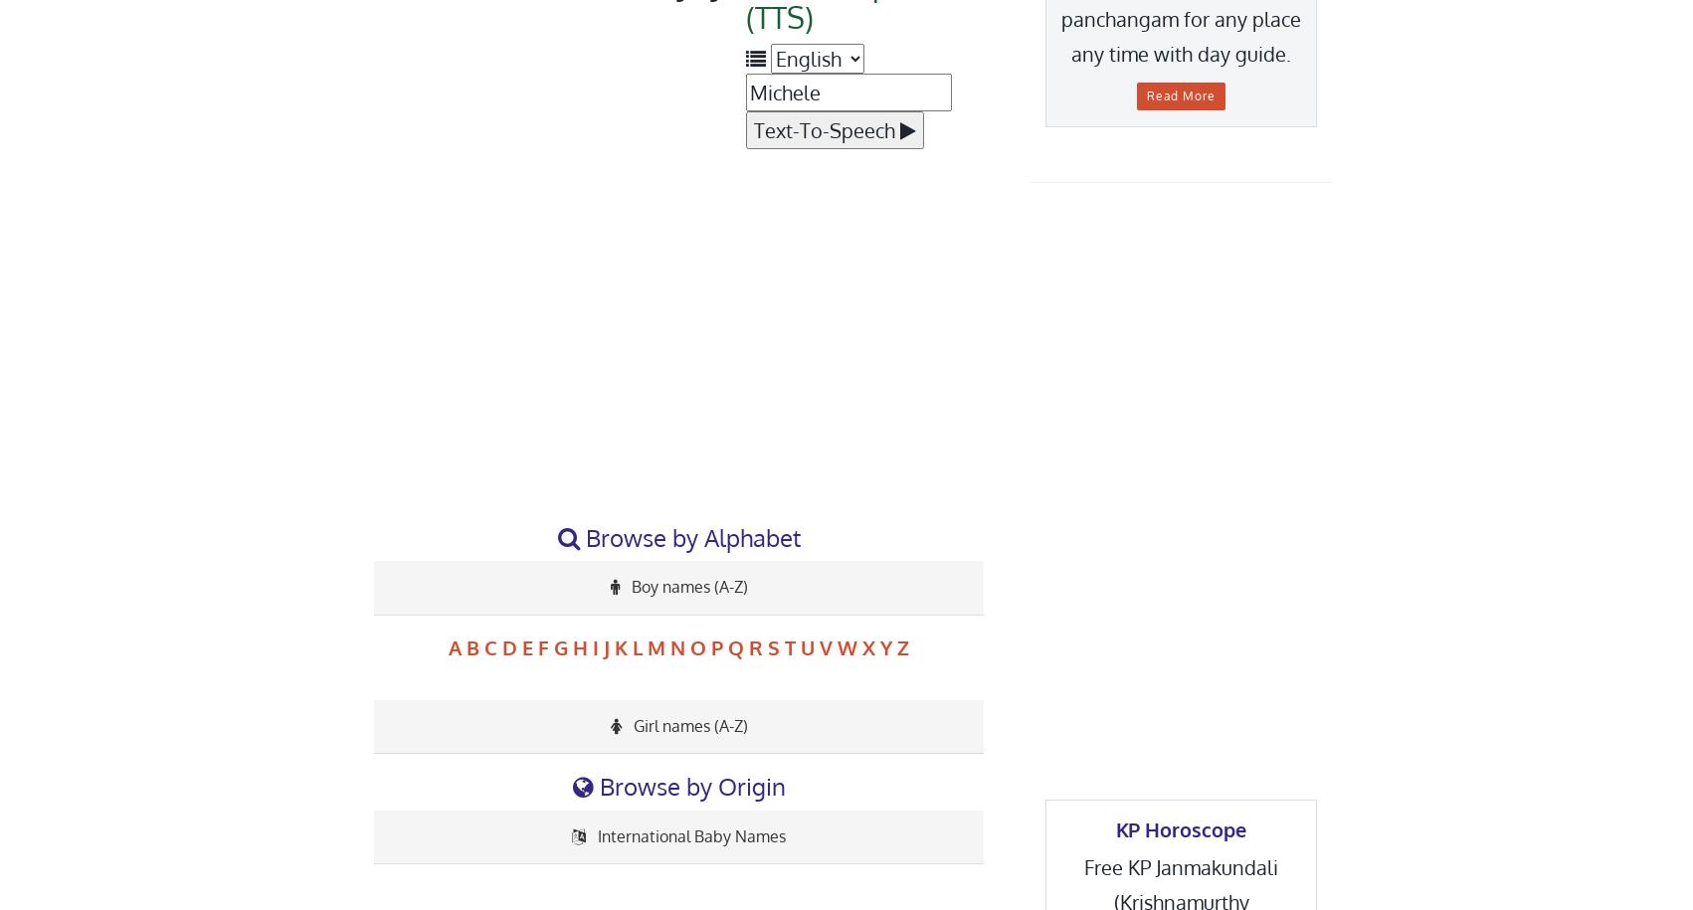  I want to click on 'Browse by Origin', so click(593, 785).